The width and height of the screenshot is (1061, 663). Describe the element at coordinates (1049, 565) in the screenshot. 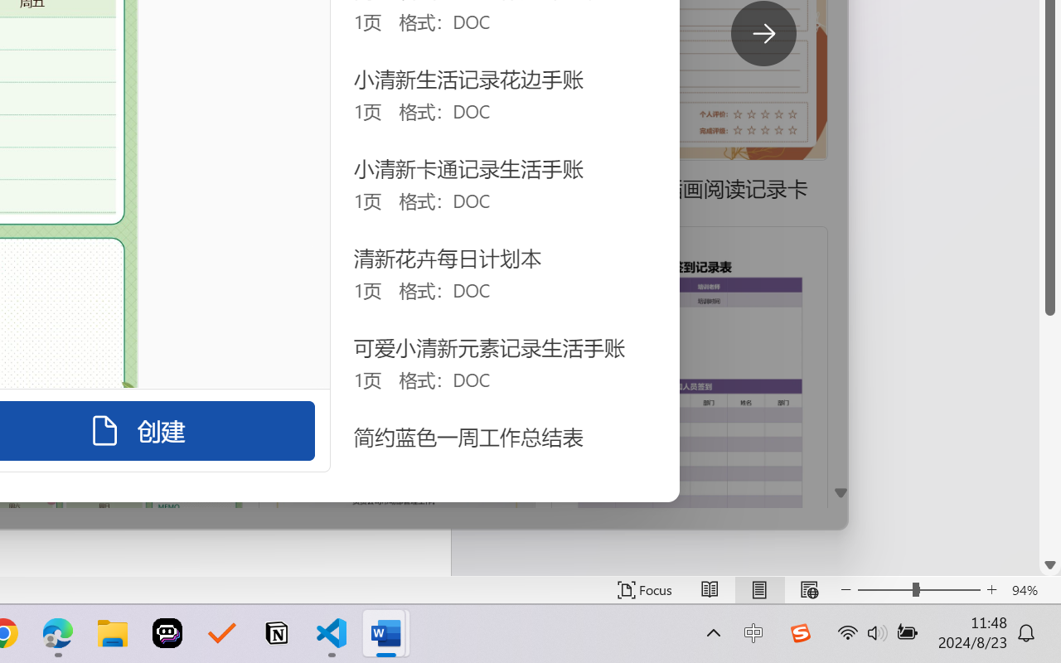

I see `'Line down'` at that location.